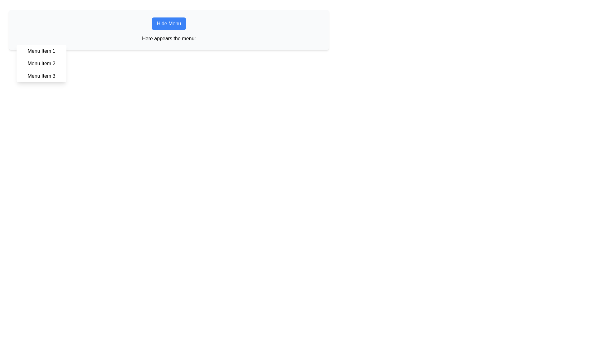 This screenshot has width=599, height=337. What do you see at coordinates (169, 23) in the screenshot?
I see `the button located centrally at the top of the light gray box with rounded corners` at bounding box center [169, 23].